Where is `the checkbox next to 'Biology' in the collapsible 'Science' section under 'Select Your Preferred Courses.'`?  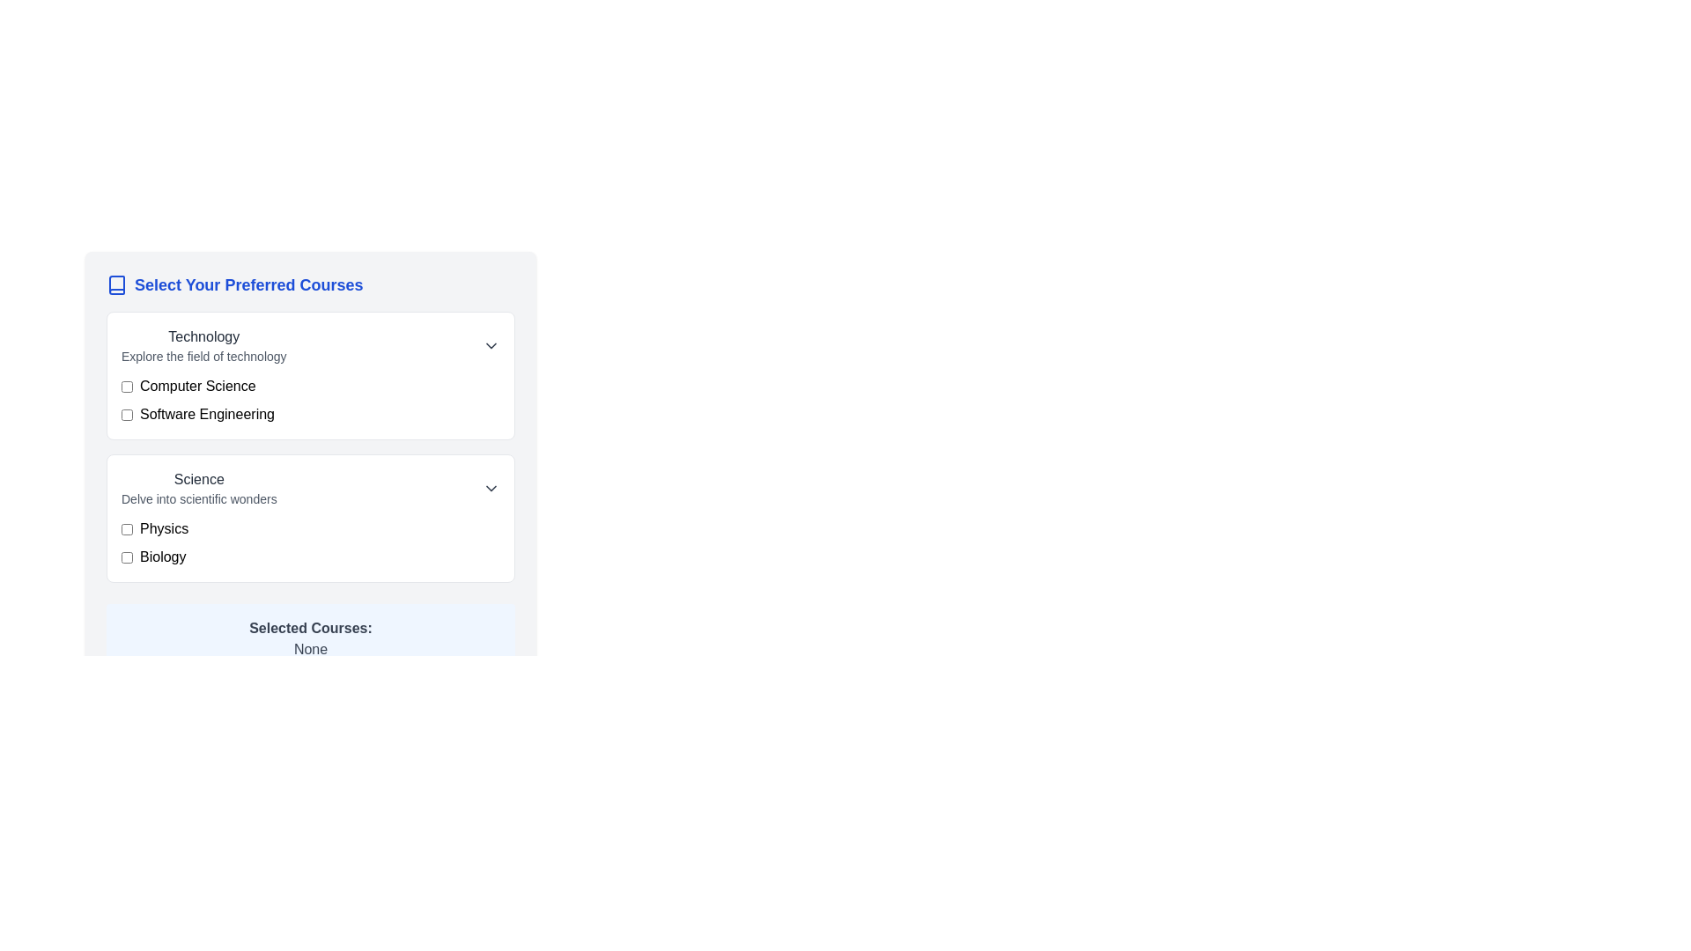
the checkbox next to 'Biology' in the collapsible 'Science' section under 'Select Your Preferred Courses.' is located at coordinates (311, 518).